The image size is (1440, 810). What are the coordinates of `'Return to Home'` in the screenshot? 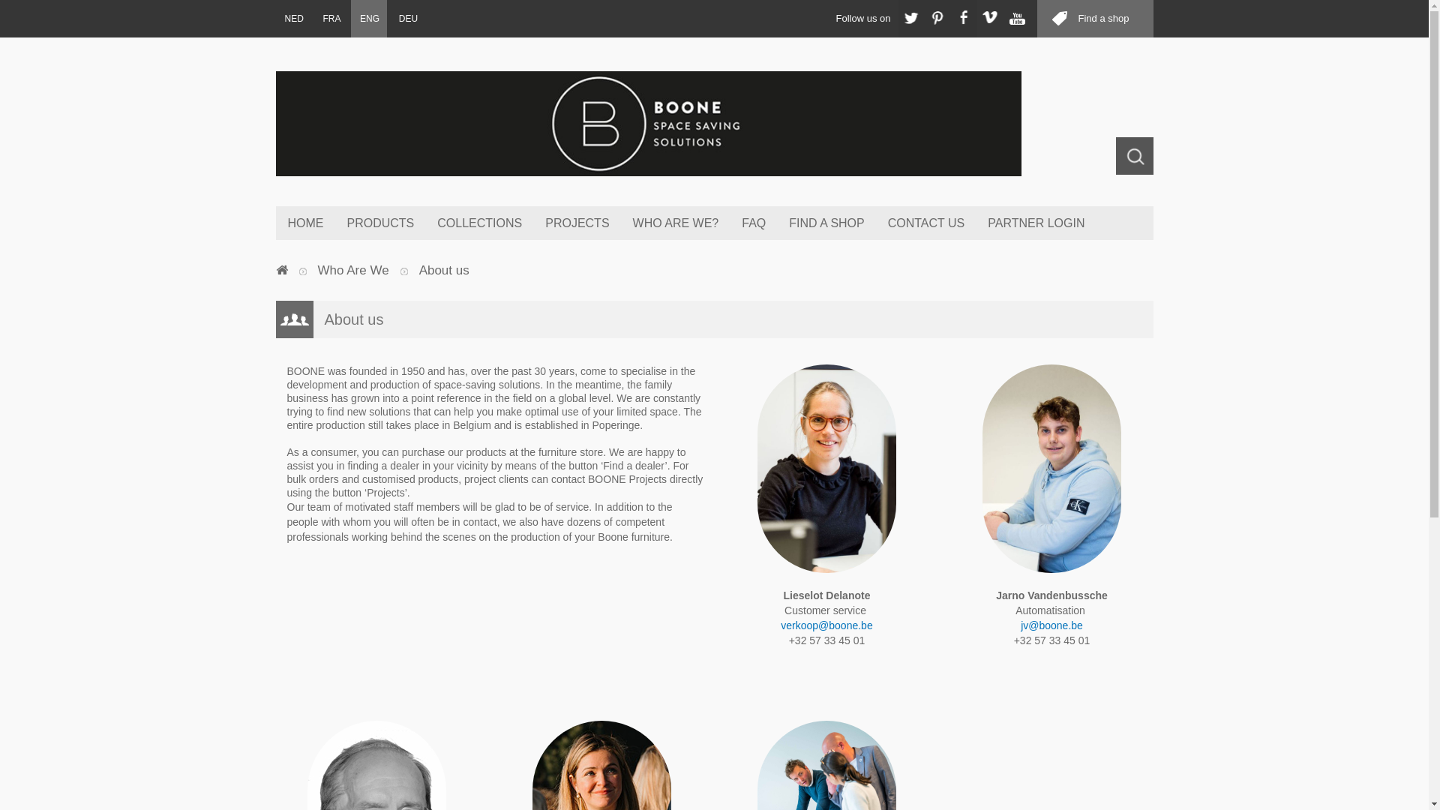 It's located at (281, 271).